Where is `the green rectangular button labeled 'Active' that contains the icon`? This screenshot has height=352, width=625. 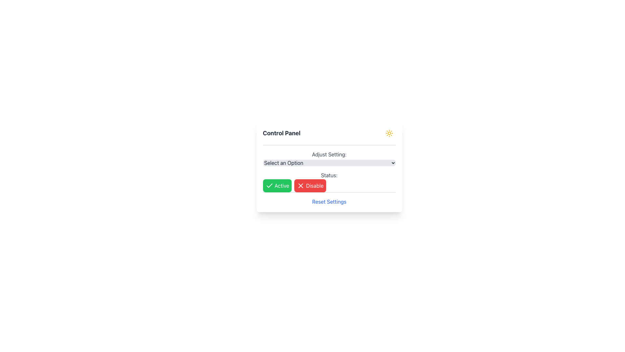
the green rectangular button labeled 'Active' that contains the icon is located at coordinates (269, 185).